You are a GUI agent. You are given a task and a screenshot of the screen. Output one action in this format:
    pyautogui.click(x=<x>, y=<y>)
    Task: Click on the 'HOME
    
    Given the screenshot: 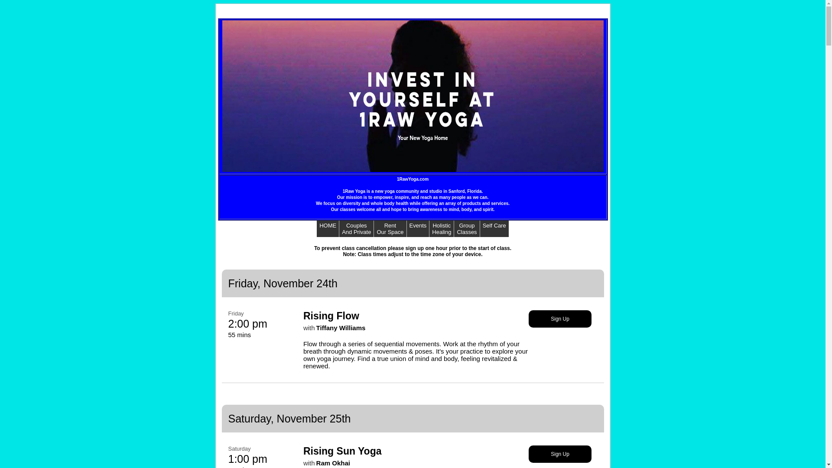 What is the action you would take?
    pyautogui.click(x=327, y=228)
    